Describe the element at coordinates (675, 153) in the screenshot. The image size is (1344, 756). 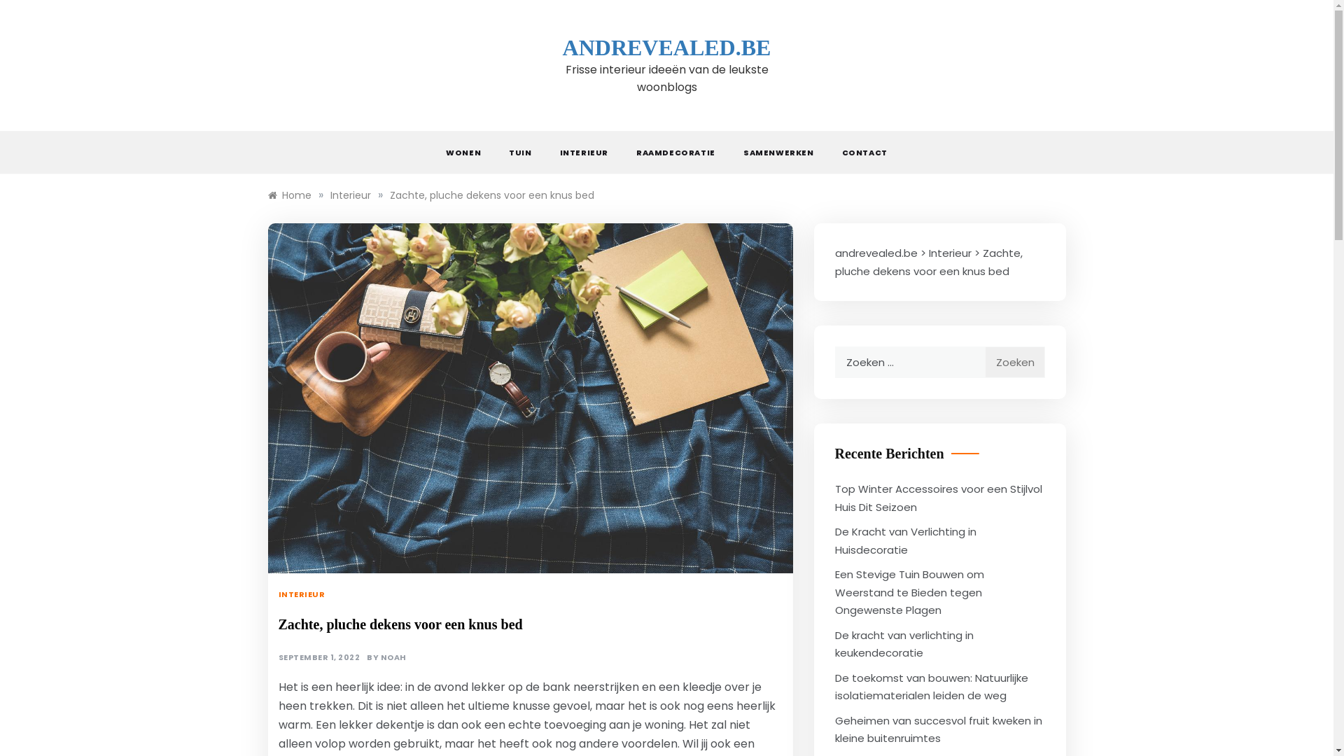
I see `'RAAMDECORATIE'` at that location.